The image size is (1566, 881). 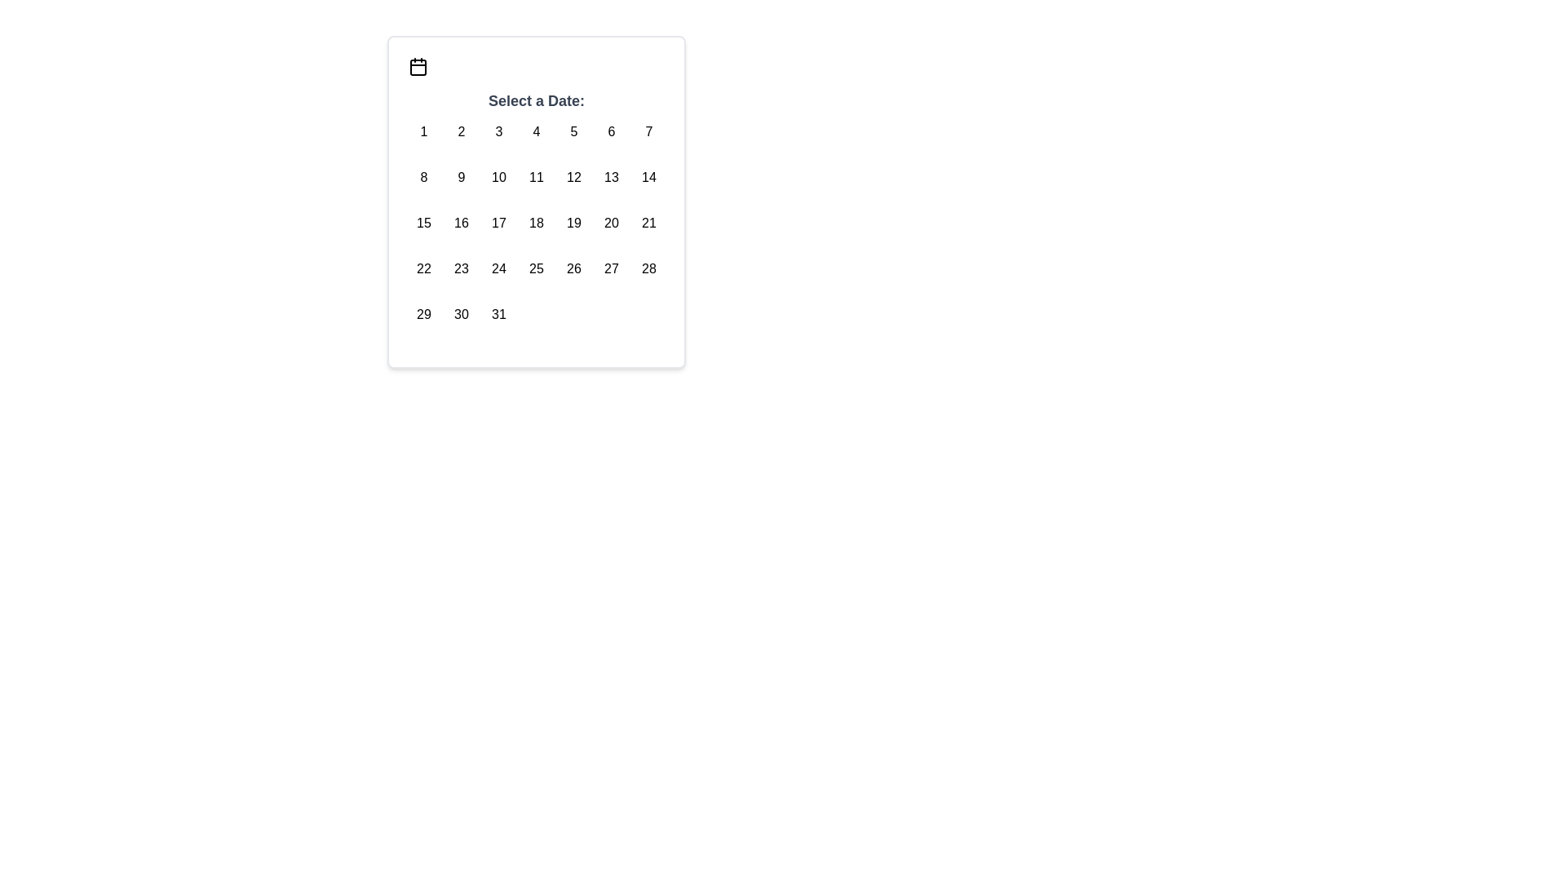 What do you see at coordinates (648, 268) in the screenshot?
I see `the selectable calendar date button representing the 28th day of the displayed month located in the fourth row and seventh column of the calendar grid` at bounding box center [648, 268].